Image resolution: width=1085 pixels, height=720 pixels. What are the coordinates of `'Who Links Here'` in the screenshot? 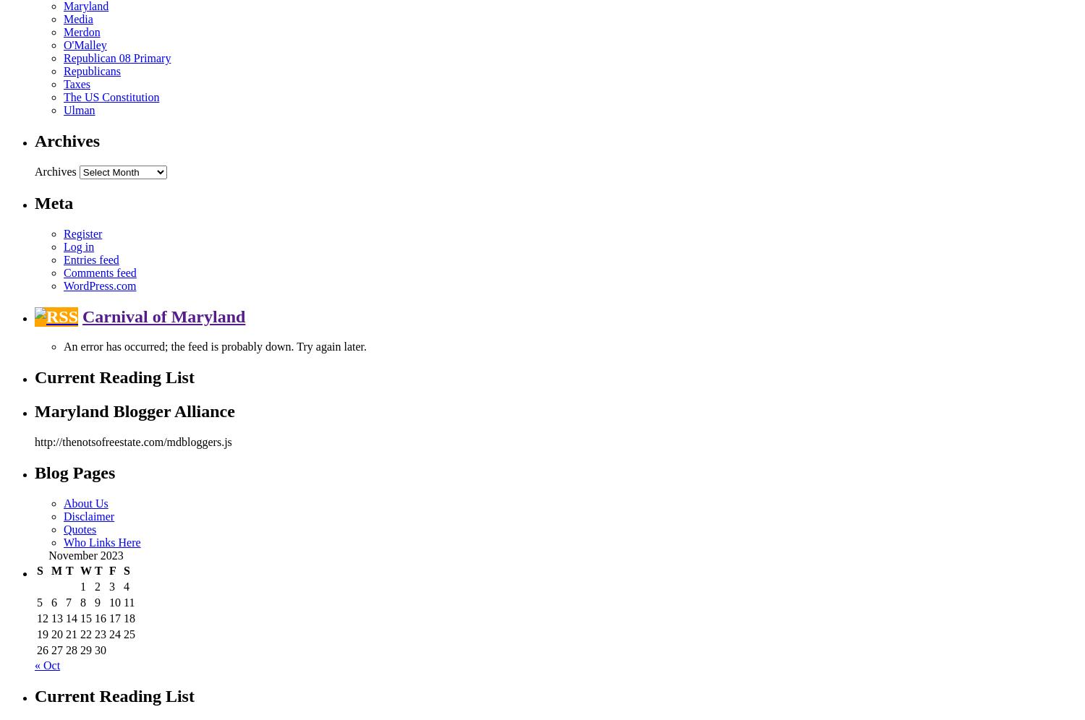 It's located at (102, 542).